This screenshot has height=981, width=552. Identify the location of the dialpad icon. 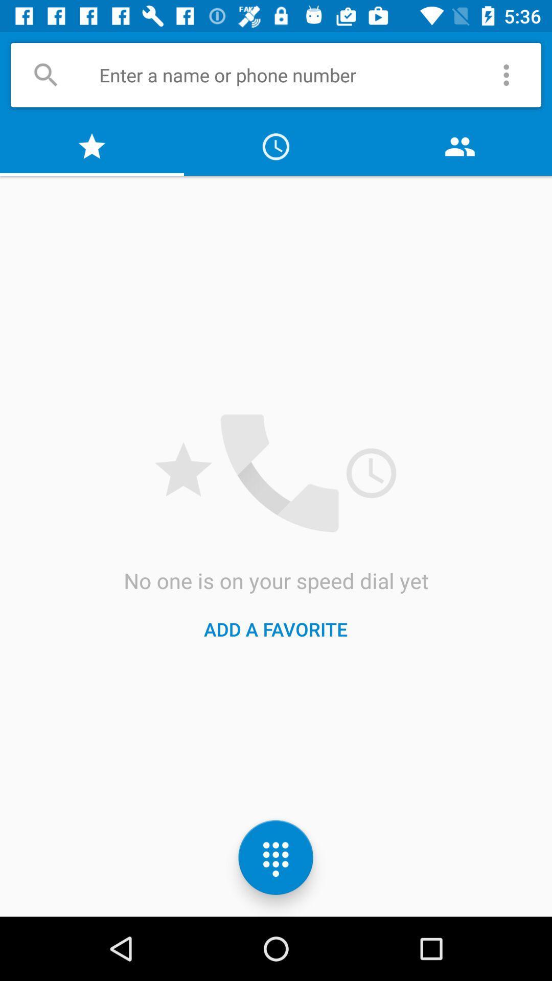
(276, 857).